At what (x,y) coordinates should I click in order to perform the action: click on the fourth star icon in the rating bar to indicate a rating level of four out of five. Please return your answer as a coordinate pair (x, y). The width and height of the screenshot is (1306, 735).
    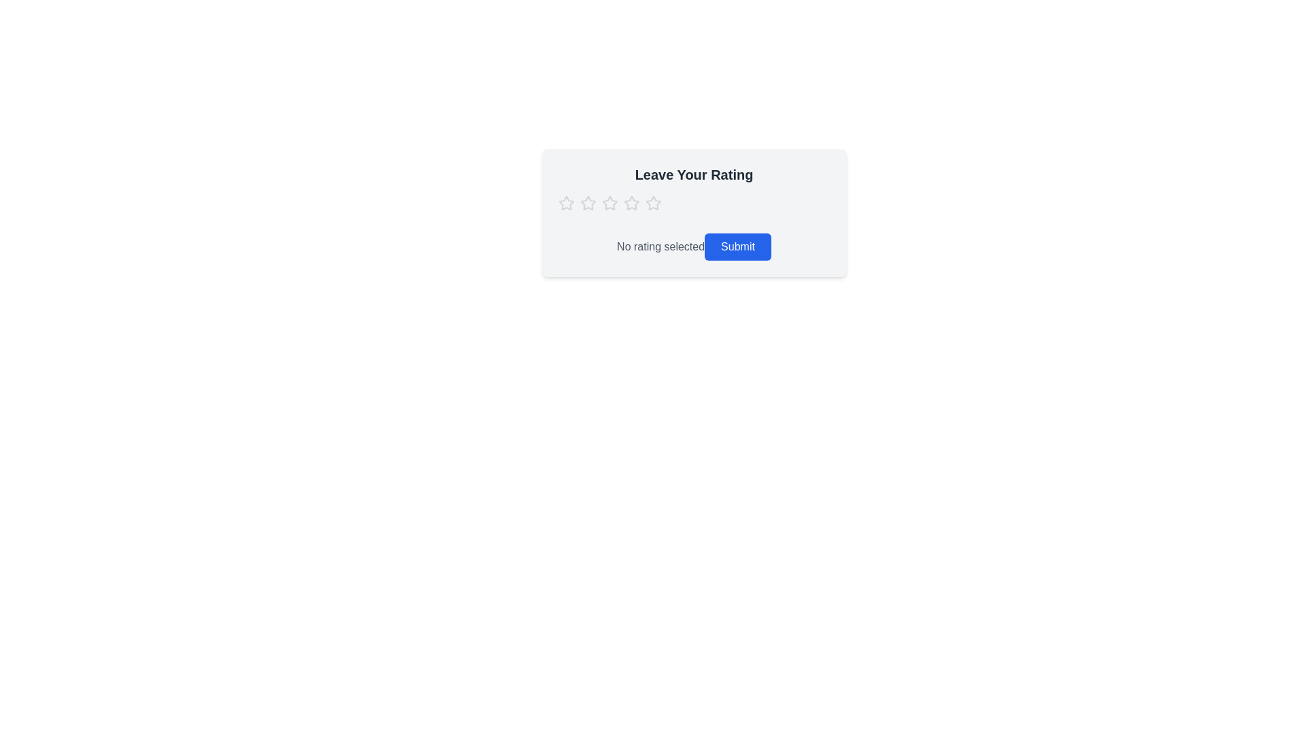
    Looking at the image, I should click on (653, 203).